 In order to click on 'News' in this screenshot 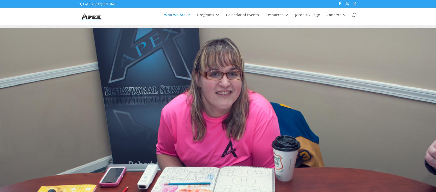, I will do `click(285, 59)`.